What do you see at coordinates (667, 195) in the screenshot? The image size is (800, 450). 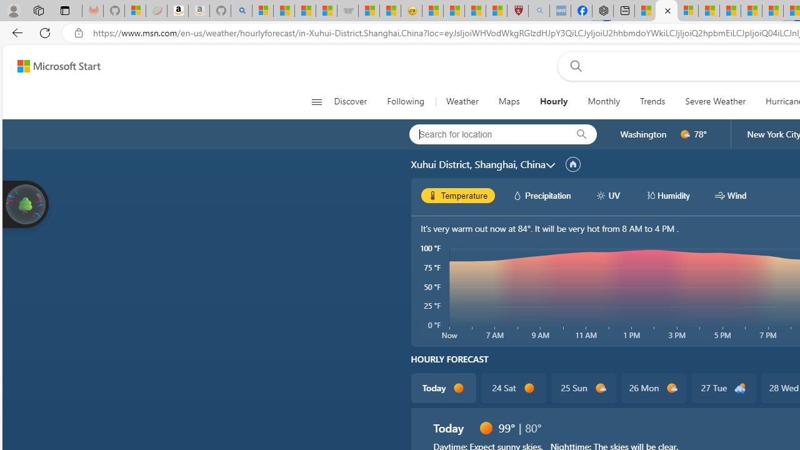 I see `'hourlyChart/humidityWhite Humidity'` at bounding box center [667, 195].